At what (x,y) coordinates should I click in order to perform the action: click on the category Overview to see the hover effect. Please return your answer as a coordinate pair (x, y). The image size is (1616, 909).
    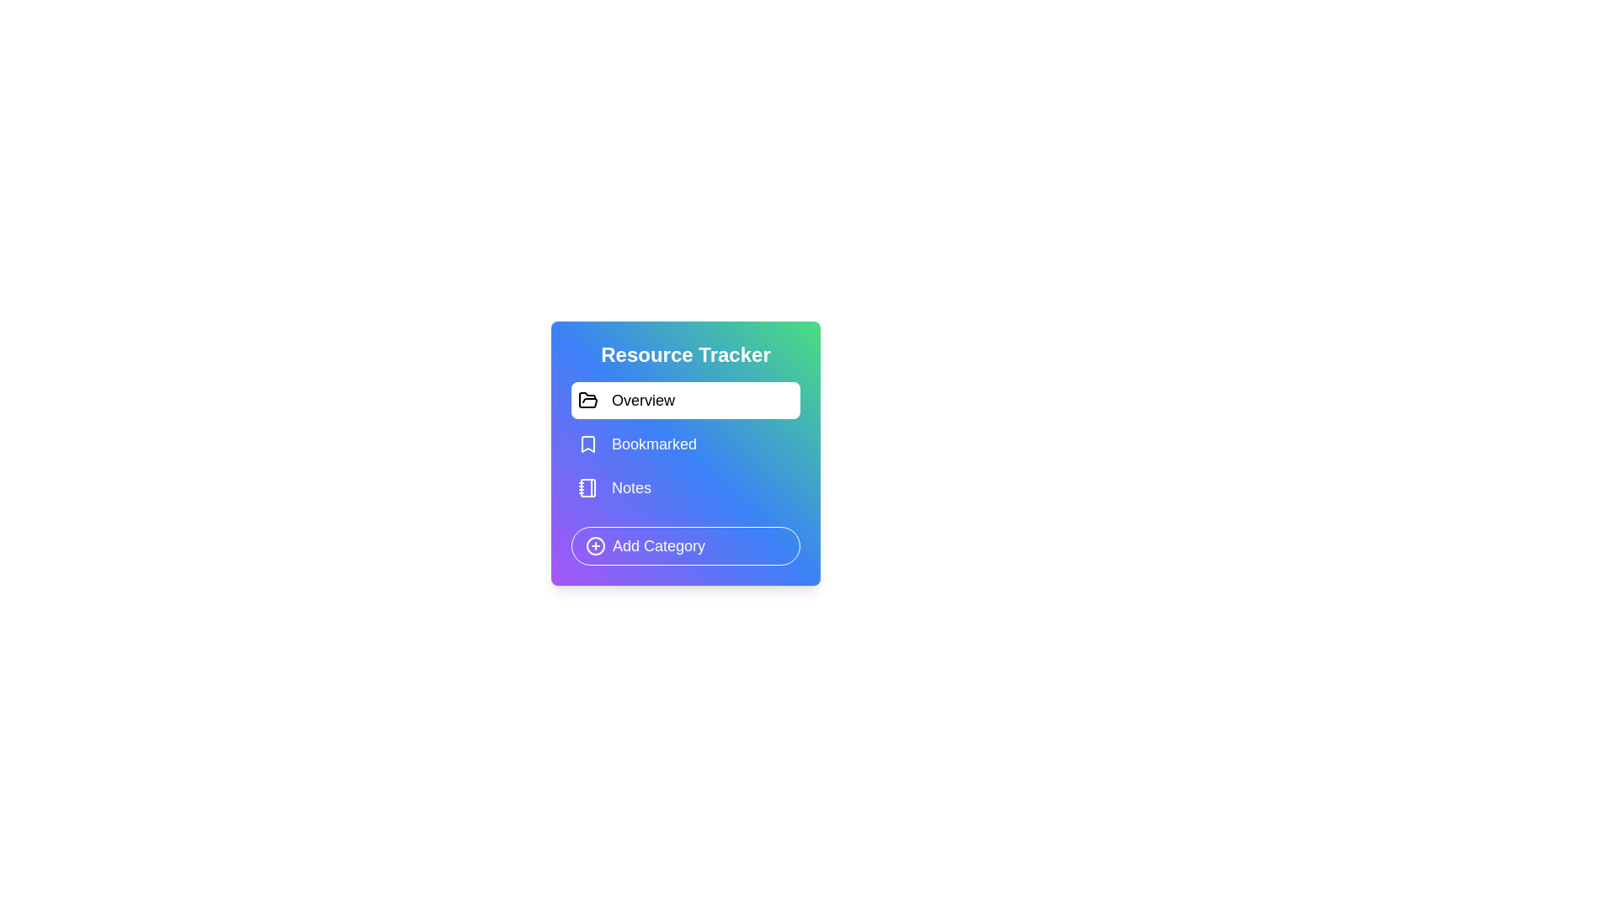
    Looking at the image, I should click on (686, 400).